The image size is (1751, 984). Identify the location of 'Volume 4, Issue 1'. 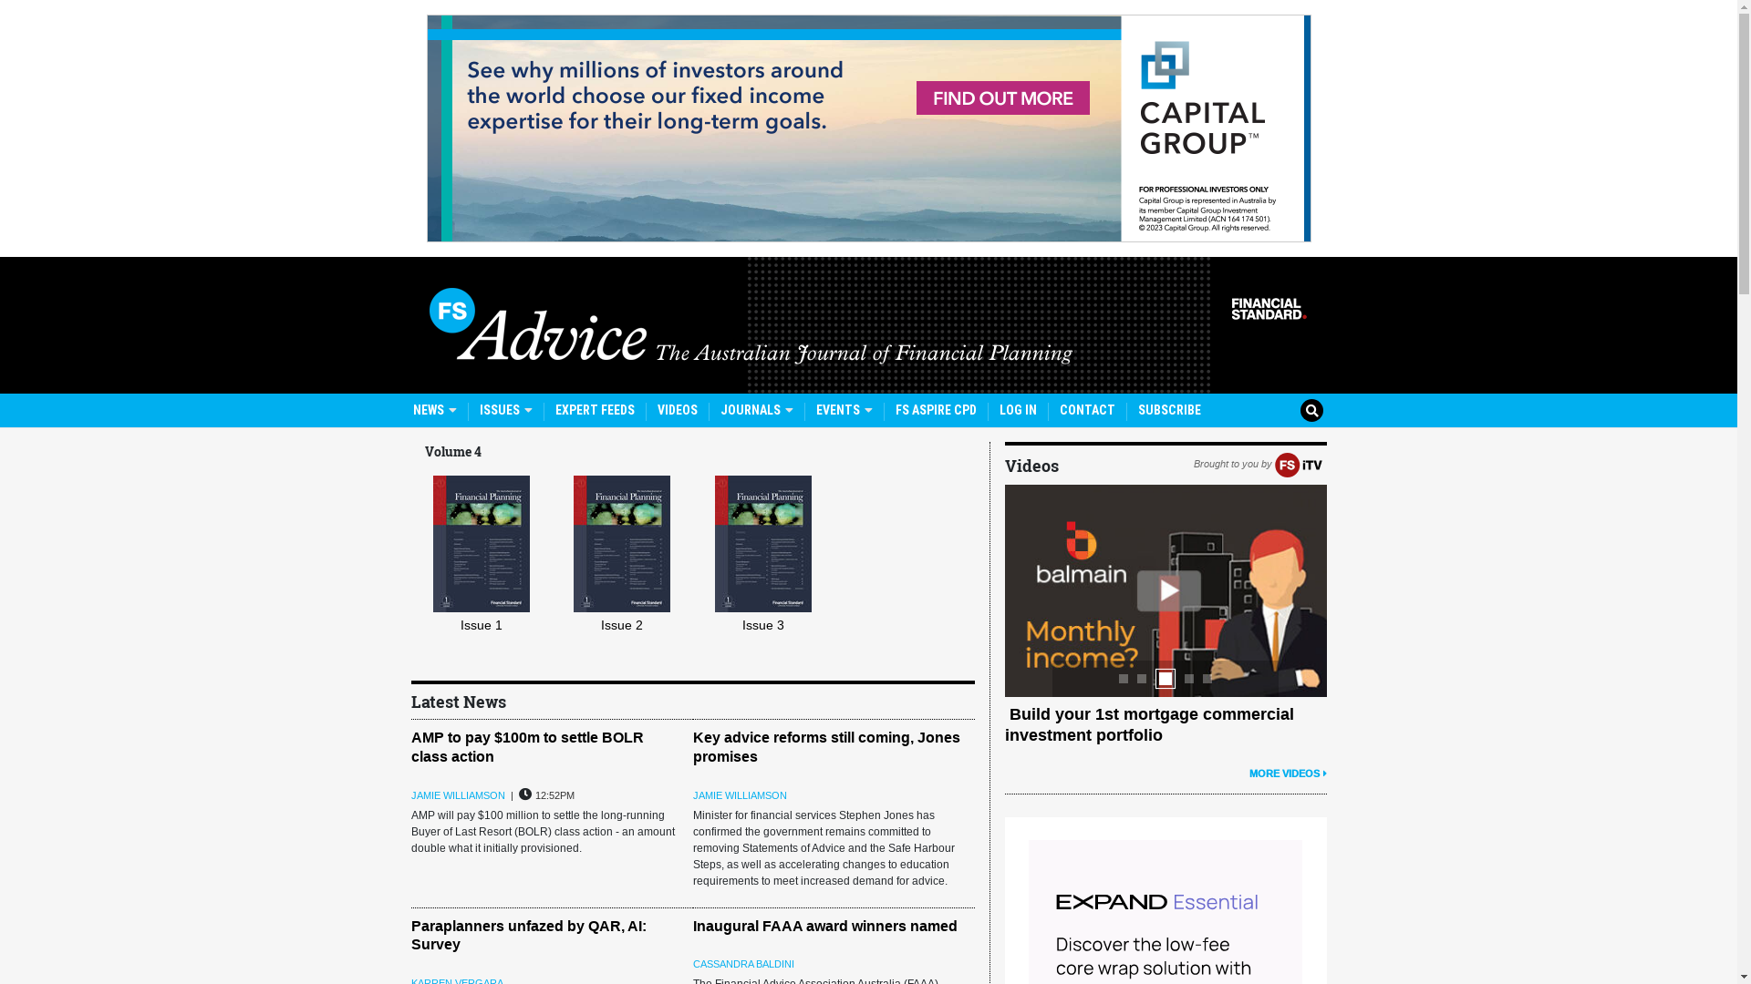
(482, 543).